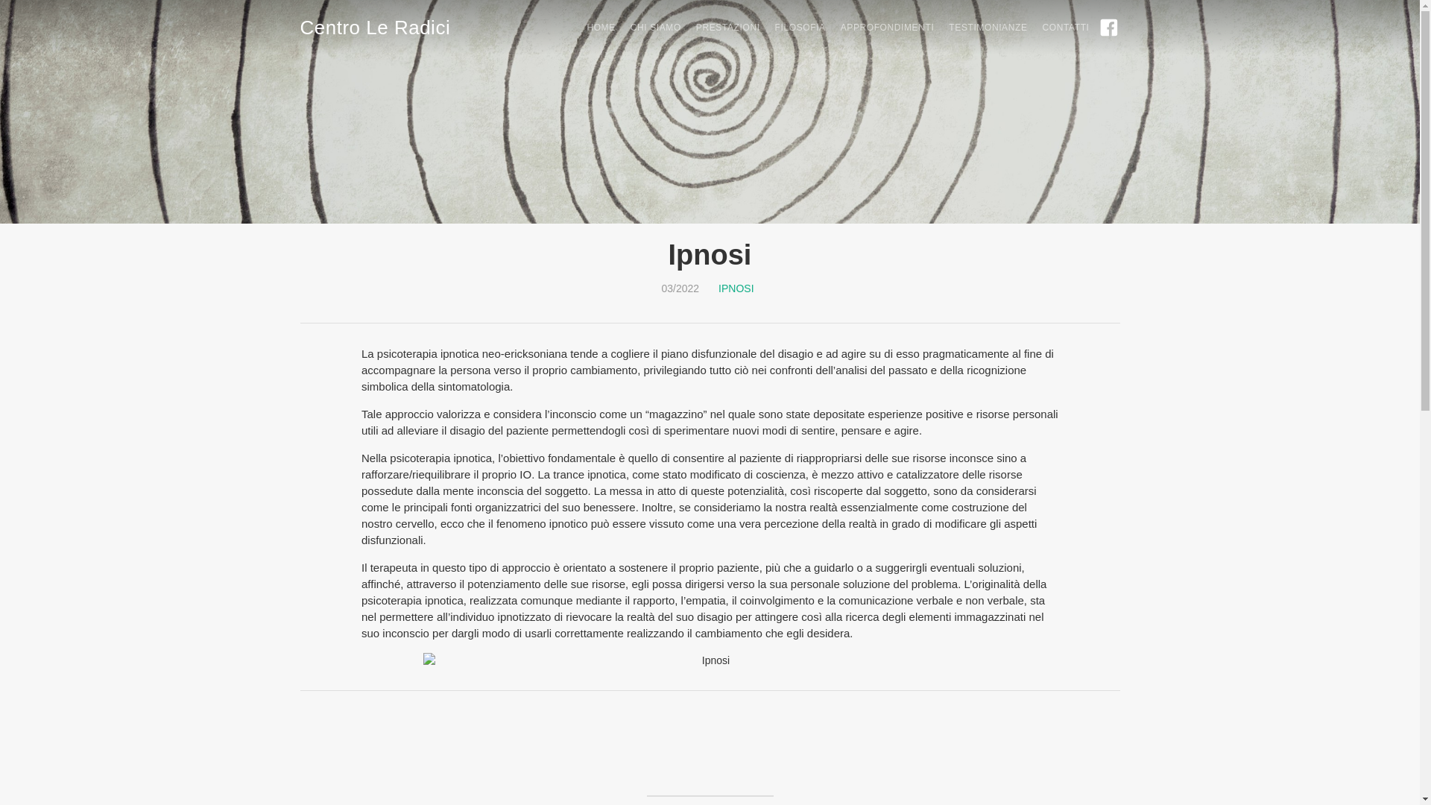 The height and width of the screenshot is (805, 1431). Describe the element at coordinates (648, 28) in the screenshot. I see `'CHI SIAMO'` at that location.